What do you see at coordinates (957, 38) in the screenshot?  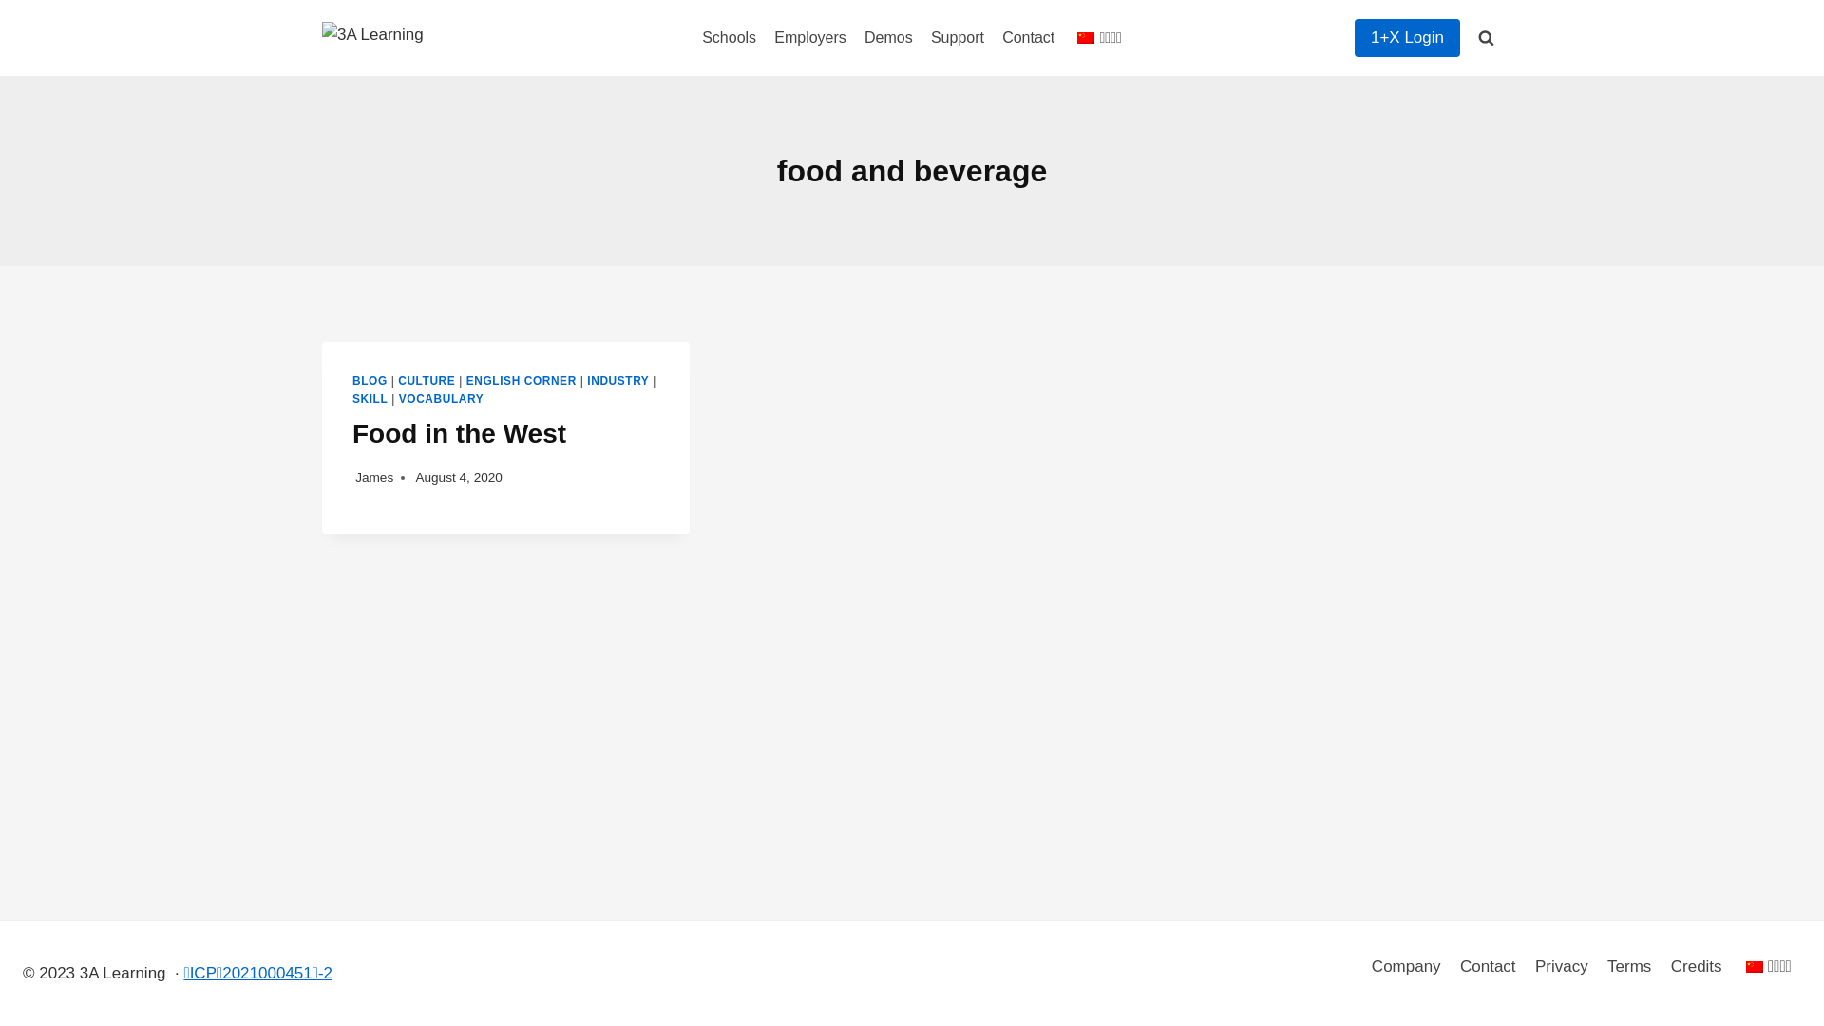 I see `'Support'` at bounding box center [957, 38].